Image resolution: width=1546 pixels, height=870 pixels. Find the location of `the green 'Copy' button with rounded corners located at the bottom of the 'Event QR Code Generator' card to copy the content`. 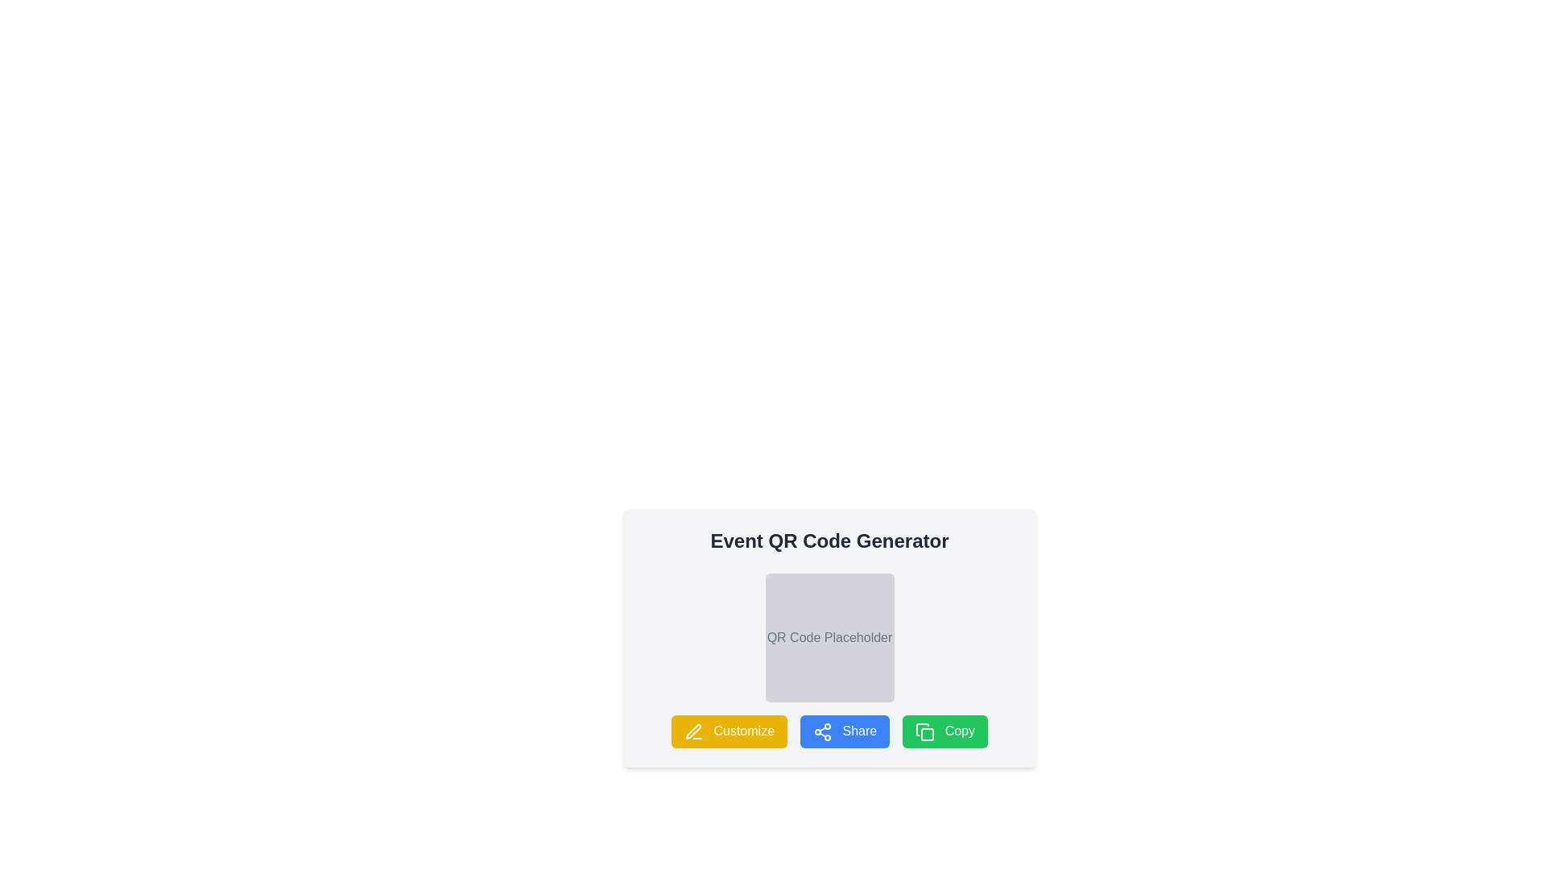

the green 'Copy' button with rounded corners located at the bottom of the 'Event QR Code Generator' card to copy the content is located at coordinates (945, 731).